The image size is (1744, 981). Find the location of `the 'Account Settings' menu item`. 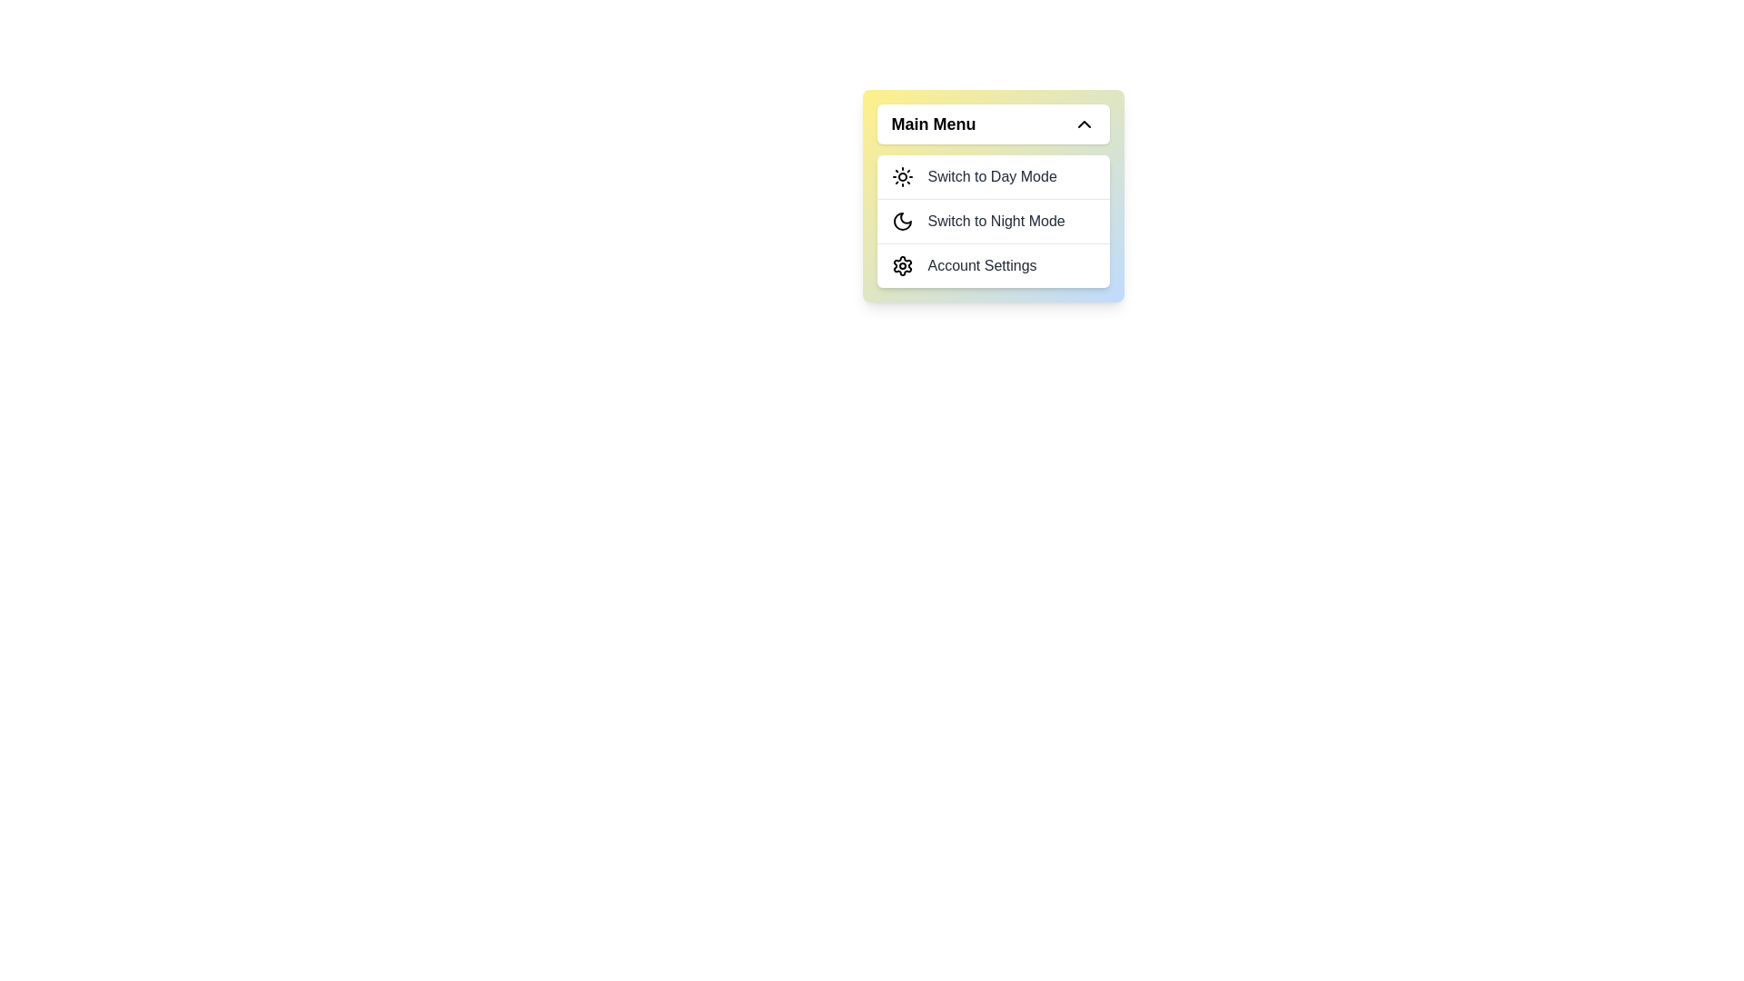

the 'Account Settings' menu item is located at coordinates (992, 265).